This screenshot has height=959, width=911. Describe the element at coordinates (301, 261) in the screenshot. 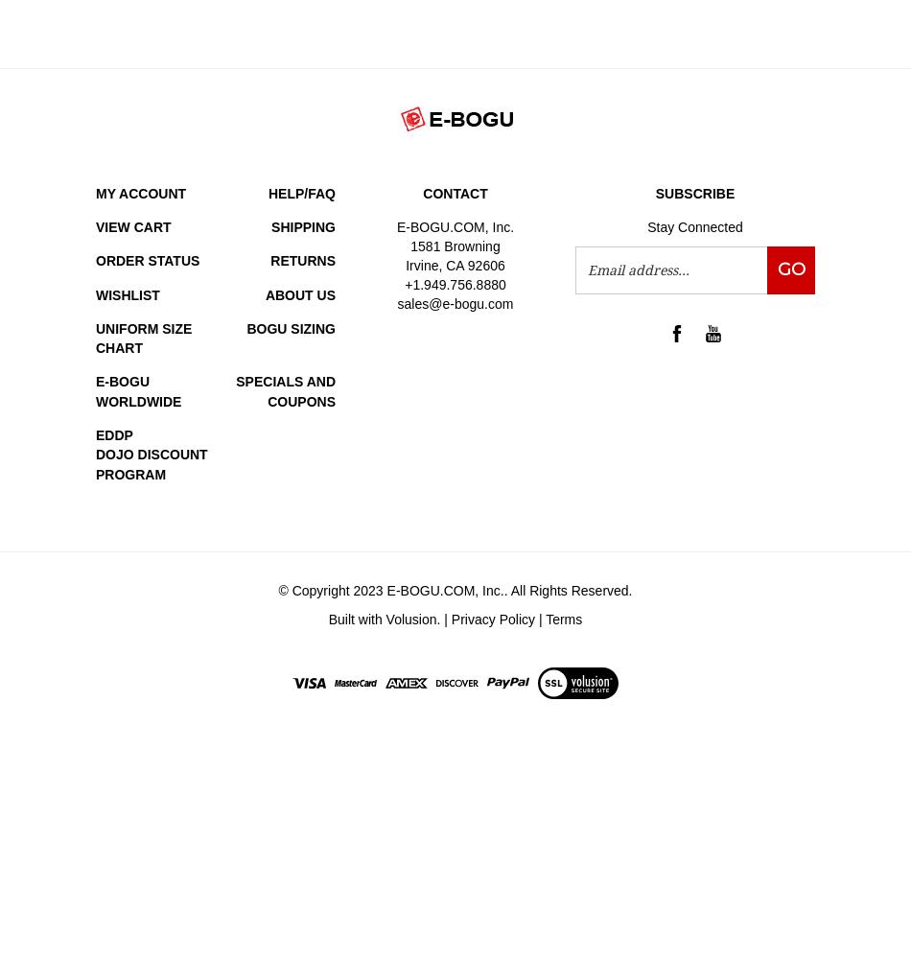

I see `'Returns'` at that location.